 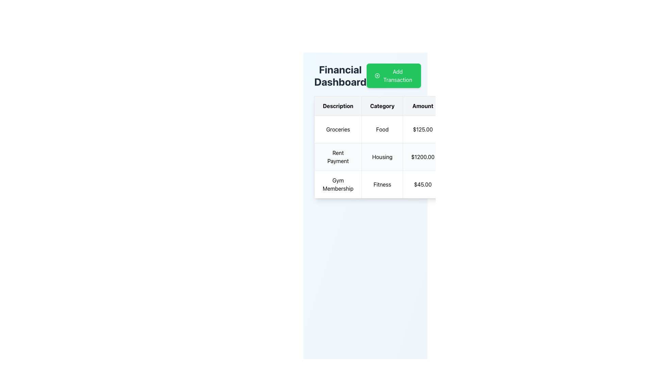 What do you see at coordinates (382, 129) in the screenshot?
I see `the 'Category' table cell, which is the second column of the first row in the data table below the 'Financial Dashboard' title and 'Add Transaction' button, to interact with adjacent elements in the table` at bounding box center [382, 129].